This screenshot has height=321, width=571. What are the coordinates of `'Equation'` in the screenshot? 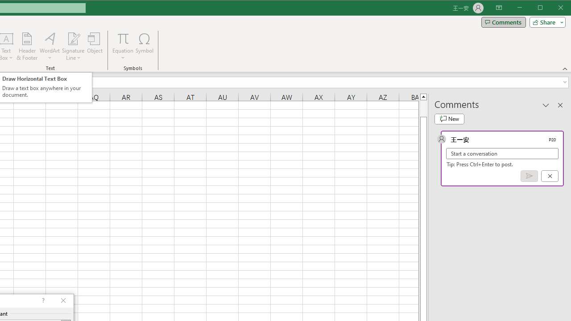 It's located at (122, 38).